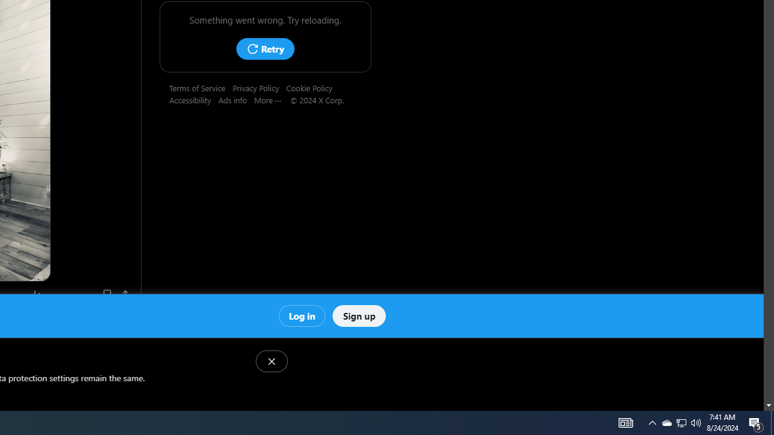 The width and height of the screenshot is (774, 435). I want to click on 'More', so click(272, 99).